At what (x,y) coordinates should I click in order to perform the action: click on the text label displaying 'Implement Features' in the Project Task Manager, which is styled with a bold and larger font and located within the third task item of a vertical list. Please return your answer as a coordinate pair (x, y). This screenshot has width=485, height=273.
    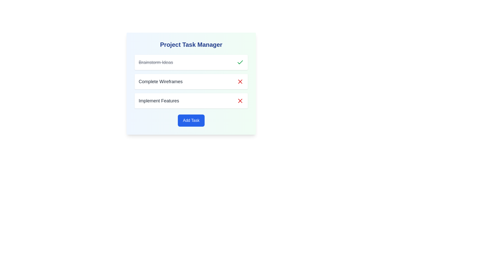
    Looking at the image, I should click on (158, 101).